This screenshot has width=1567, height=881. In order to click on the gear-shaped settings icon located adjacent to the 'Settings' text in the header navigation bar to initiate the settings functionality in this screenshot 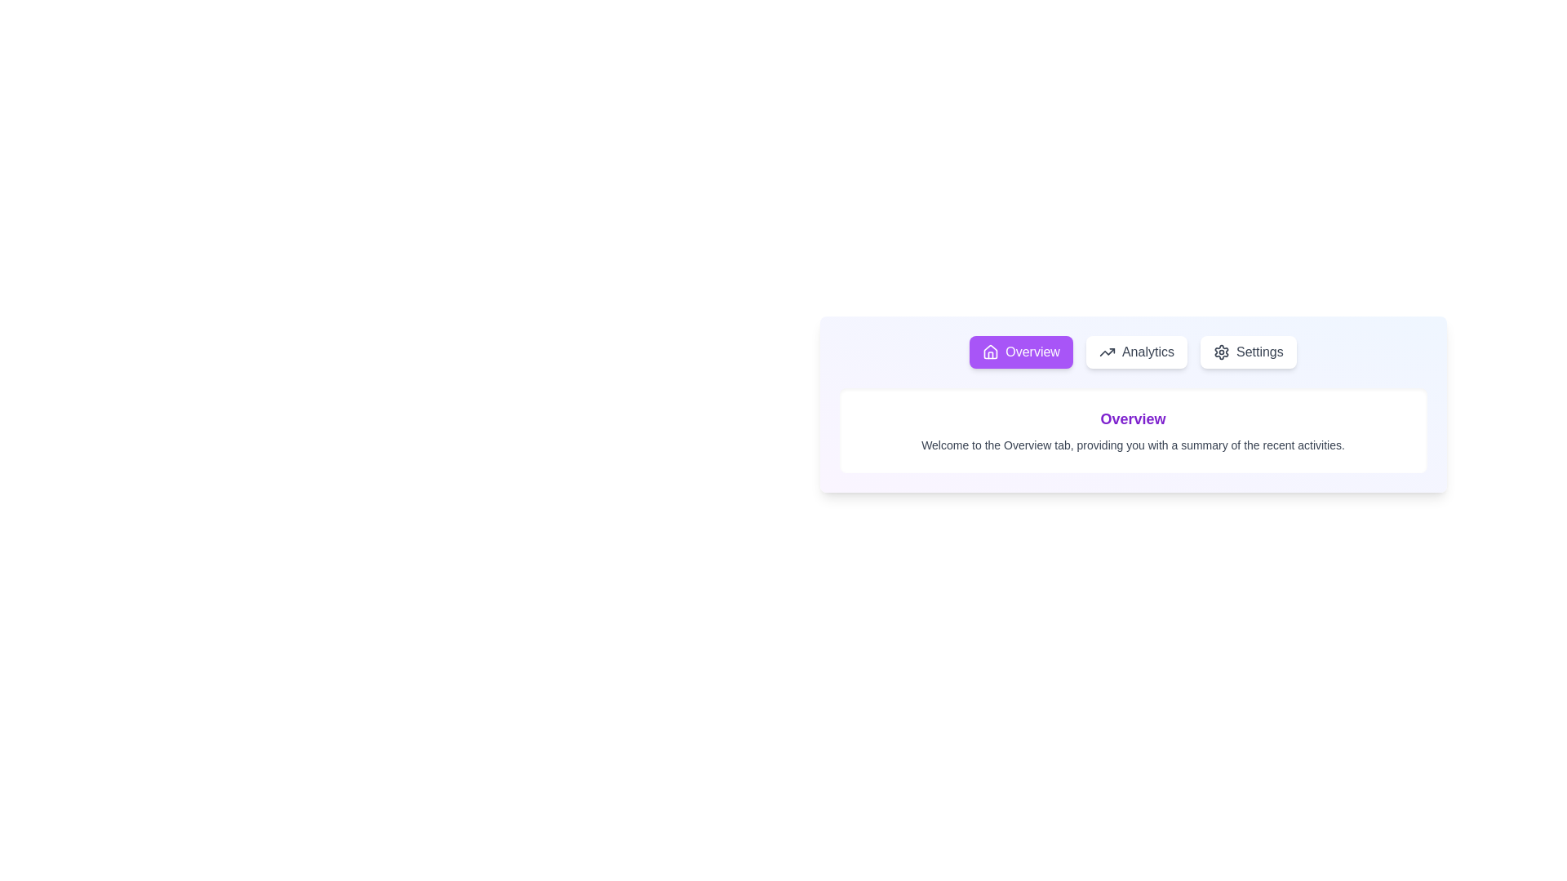, I will do `click(1222, 352)`.